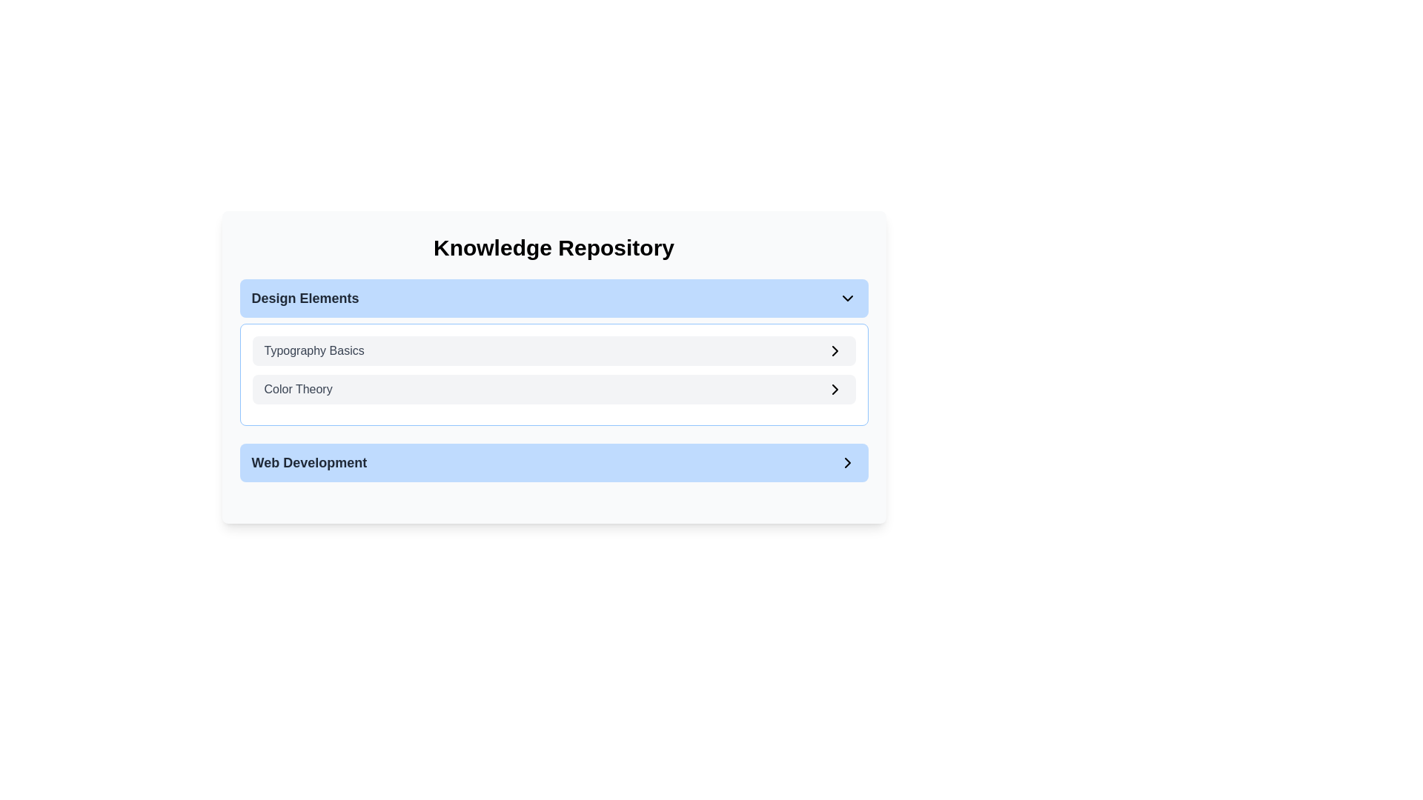  What do you see at coordinates (553, 461) in the screenshot?
I see `the 'Web Development' expandable navigation button with a light blue background and rounded corners, located at the bottom of the list under 'Knowledge Repository'` at bounding box center [553, 461].